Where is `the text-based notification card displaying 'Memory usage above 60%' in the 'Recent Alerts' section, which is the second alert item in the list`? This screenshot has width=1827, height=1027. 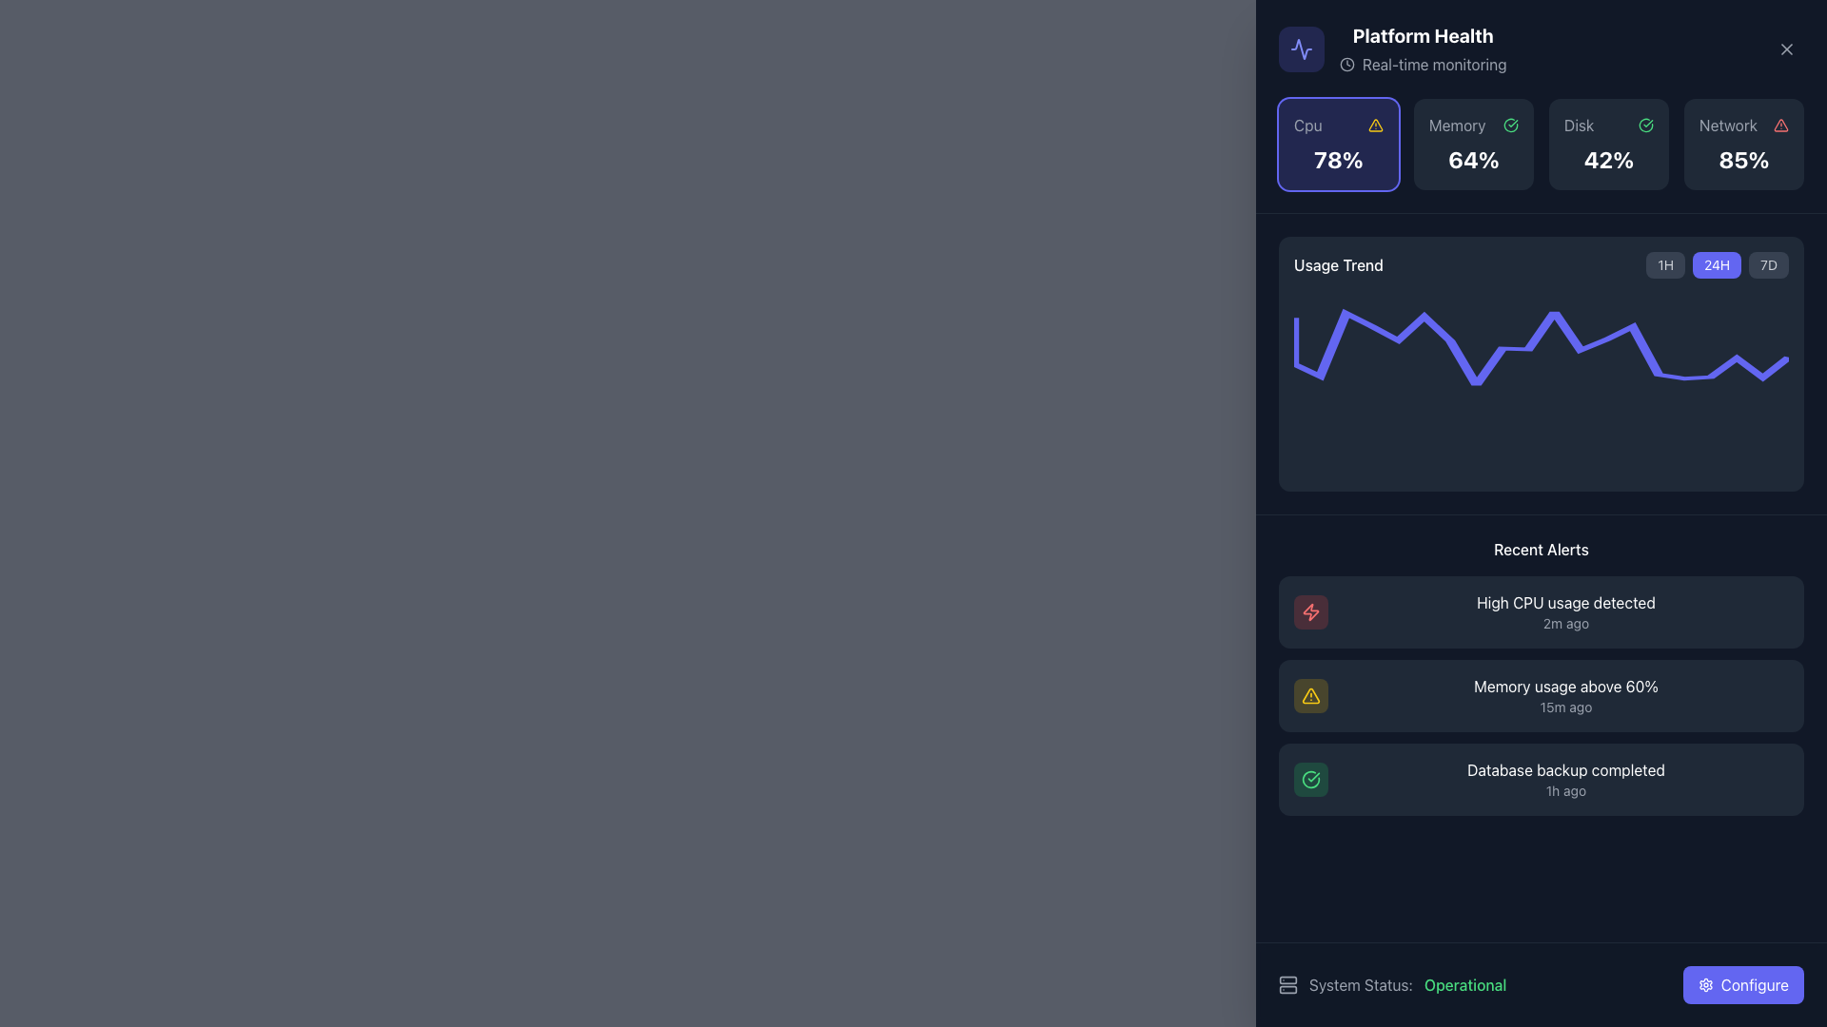 the text-based notification card displaying 'Memory usage above 60%' in the 'Recent Alerts' section, which is the second alert item in the list is located at coordinates (1566, 696).